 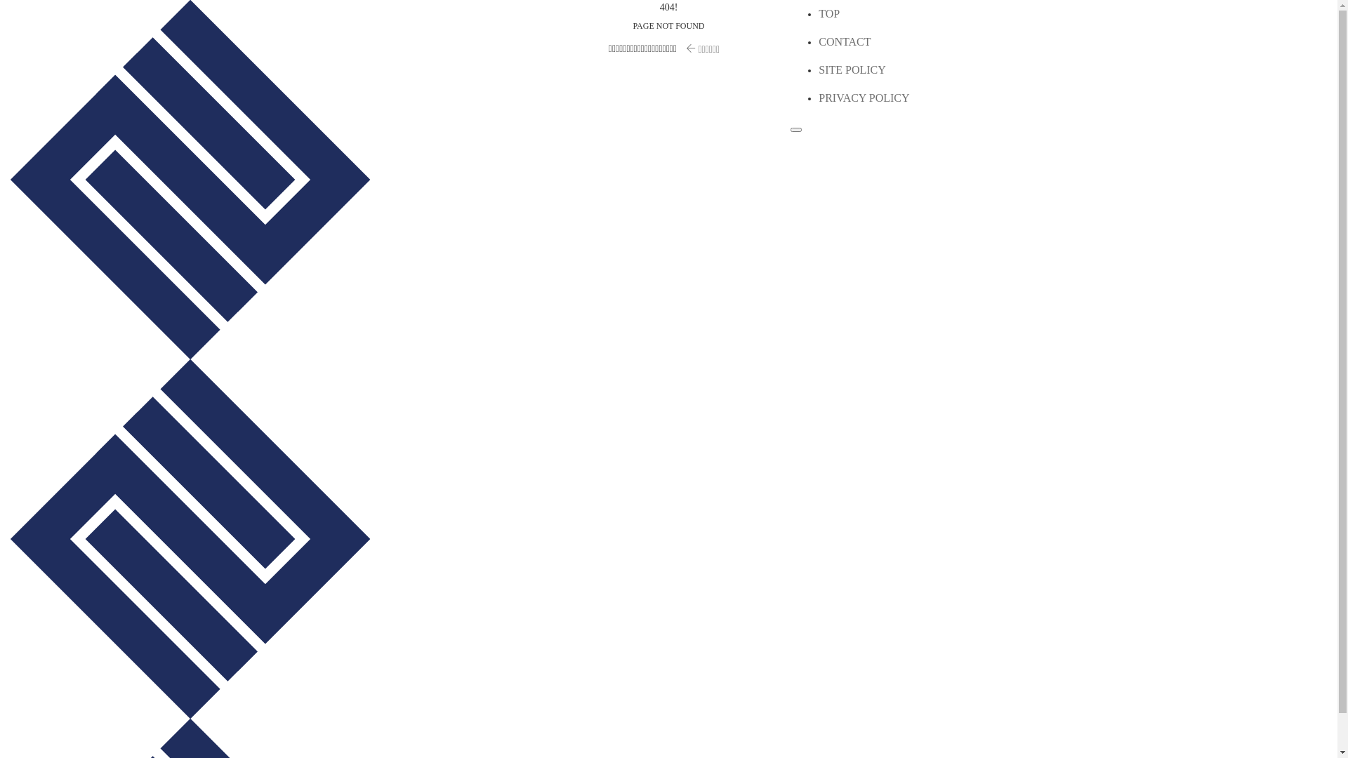 What do you see at coordinates (828, 13) in the screenshot?
I see `'TOP'` at bounding box center [828, 13].